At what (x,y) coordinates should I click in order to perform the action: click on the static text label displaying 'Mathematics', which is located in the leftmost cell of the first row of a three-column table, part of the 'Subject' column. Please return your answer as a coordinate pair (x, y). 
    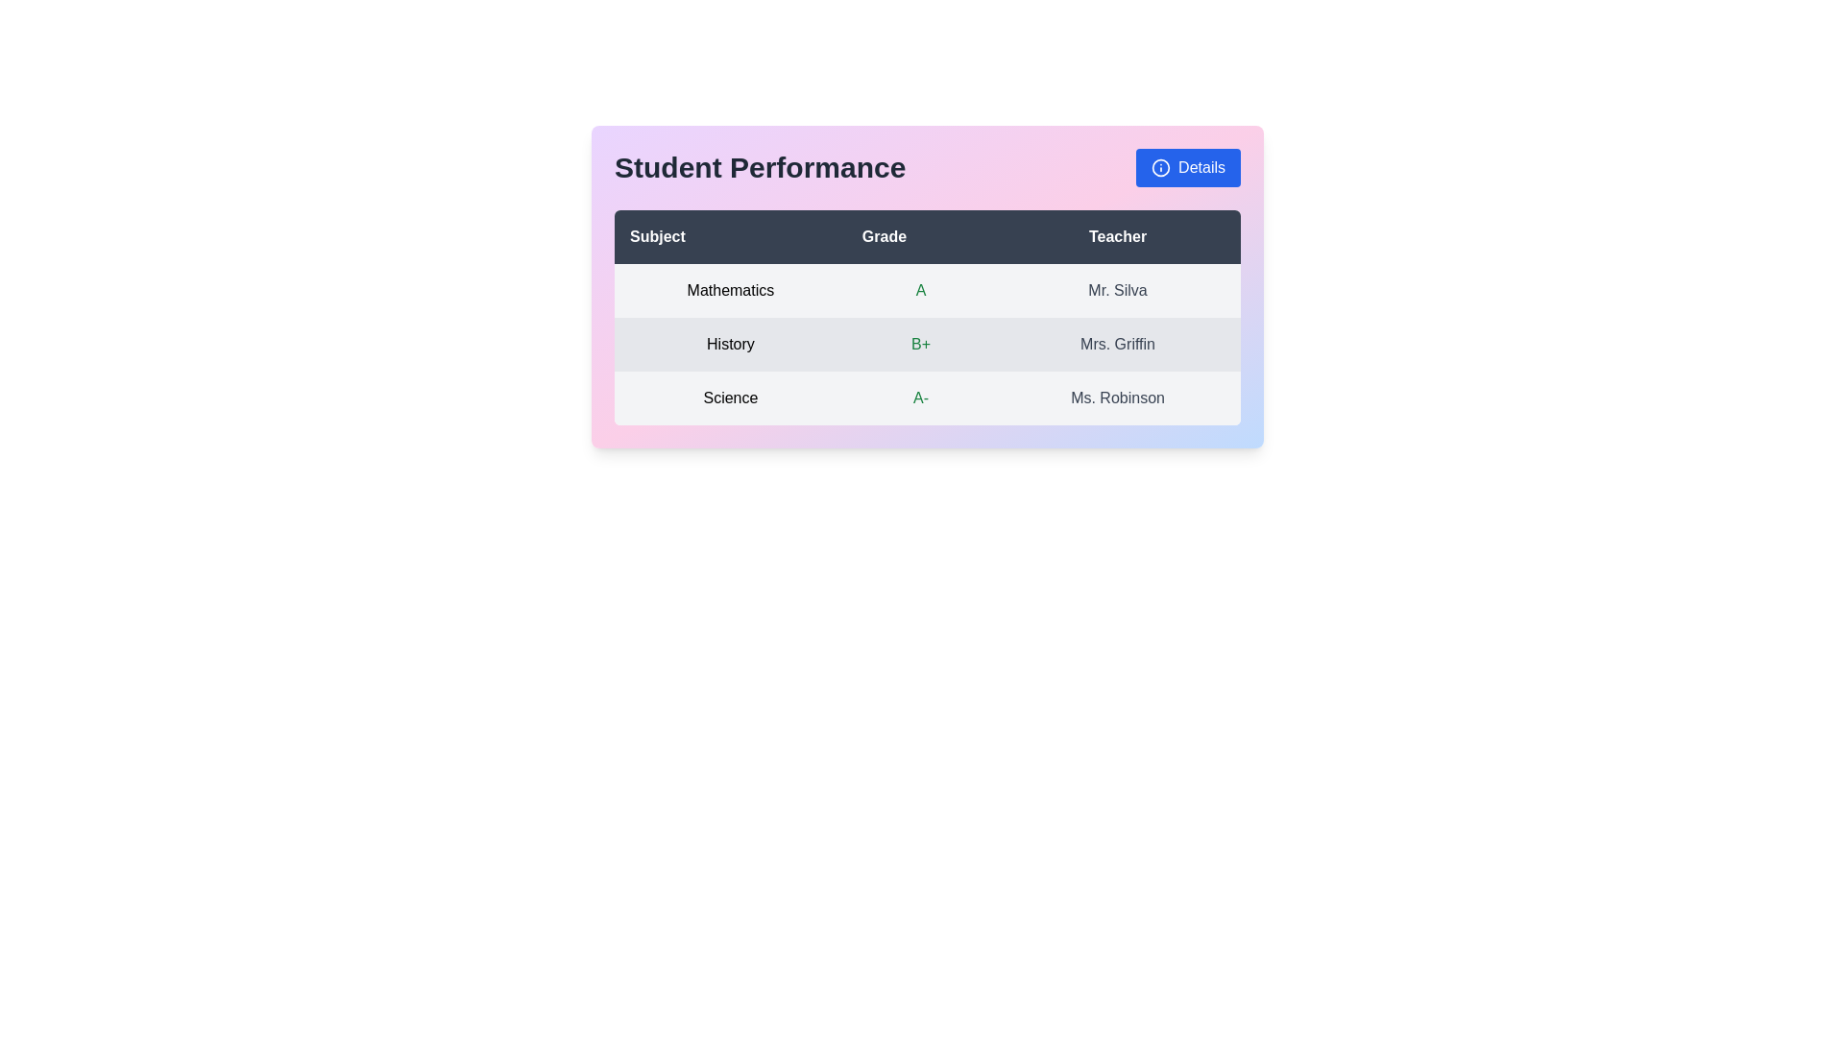
    Looking at the image, I should click on (729, 291).